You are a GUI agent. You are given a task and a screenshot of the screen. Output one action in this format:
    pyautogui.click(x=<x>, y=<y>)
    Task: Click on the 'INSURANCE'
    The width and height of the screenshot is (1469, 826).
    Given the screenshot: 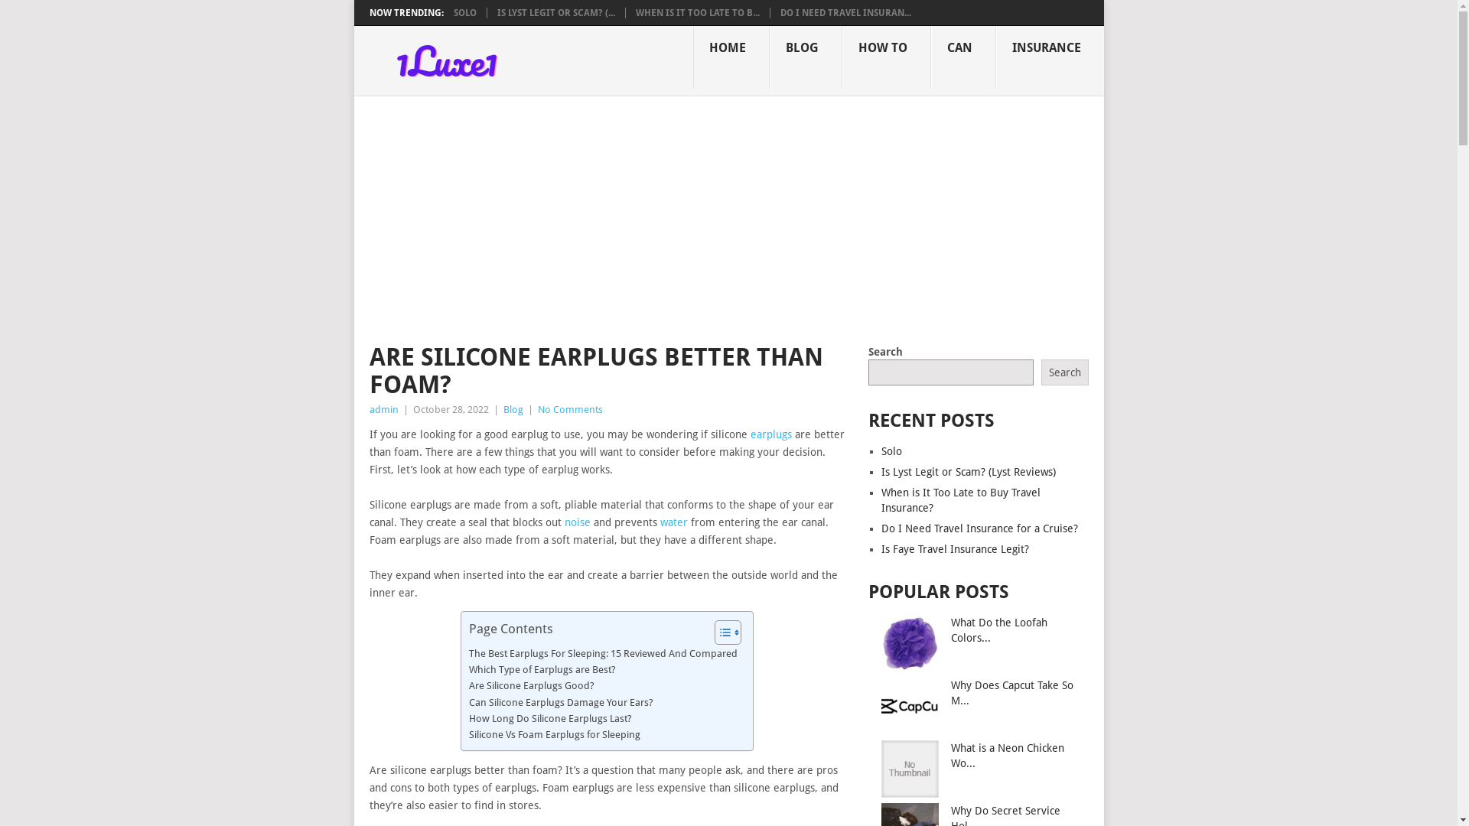 What is the action you would take?
    pyautogui.click(x=1049, y=56)
    